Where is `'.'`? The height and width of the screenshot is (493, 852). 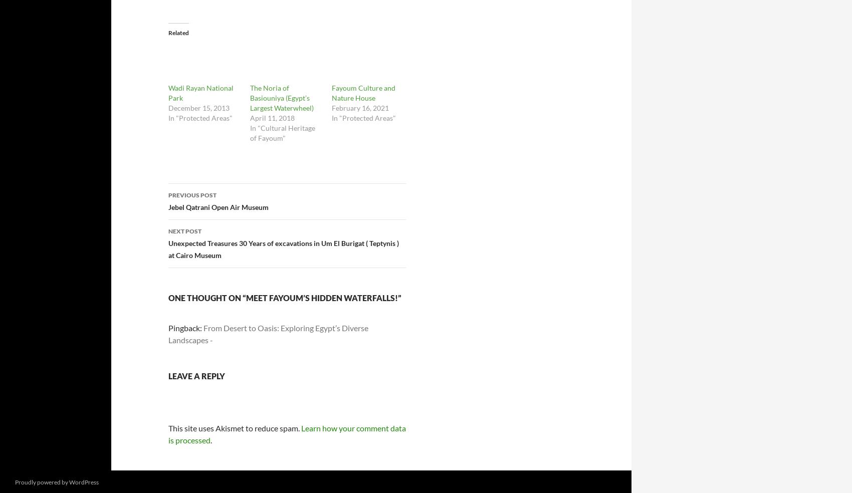
'.' is located at coordinates (210, 439).